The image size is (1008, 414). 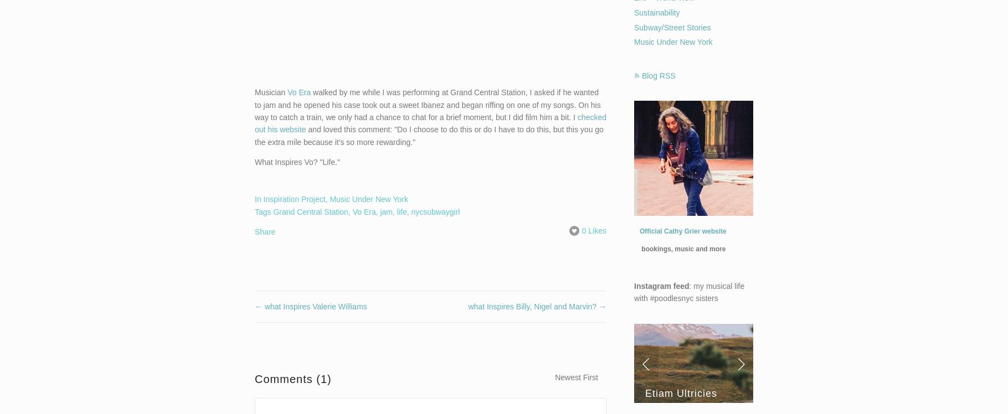 What do you see at coordinates (634, 26) in the screenshot?
I see `'Subway/Street Stories'` at bounding box center [634, 26].